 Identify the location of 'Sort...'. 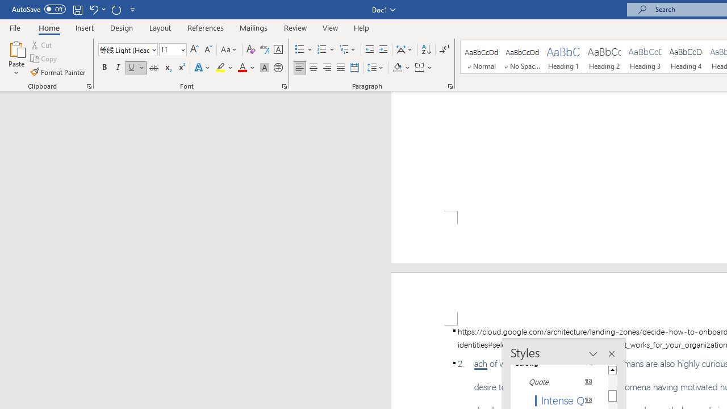
(425, 49).